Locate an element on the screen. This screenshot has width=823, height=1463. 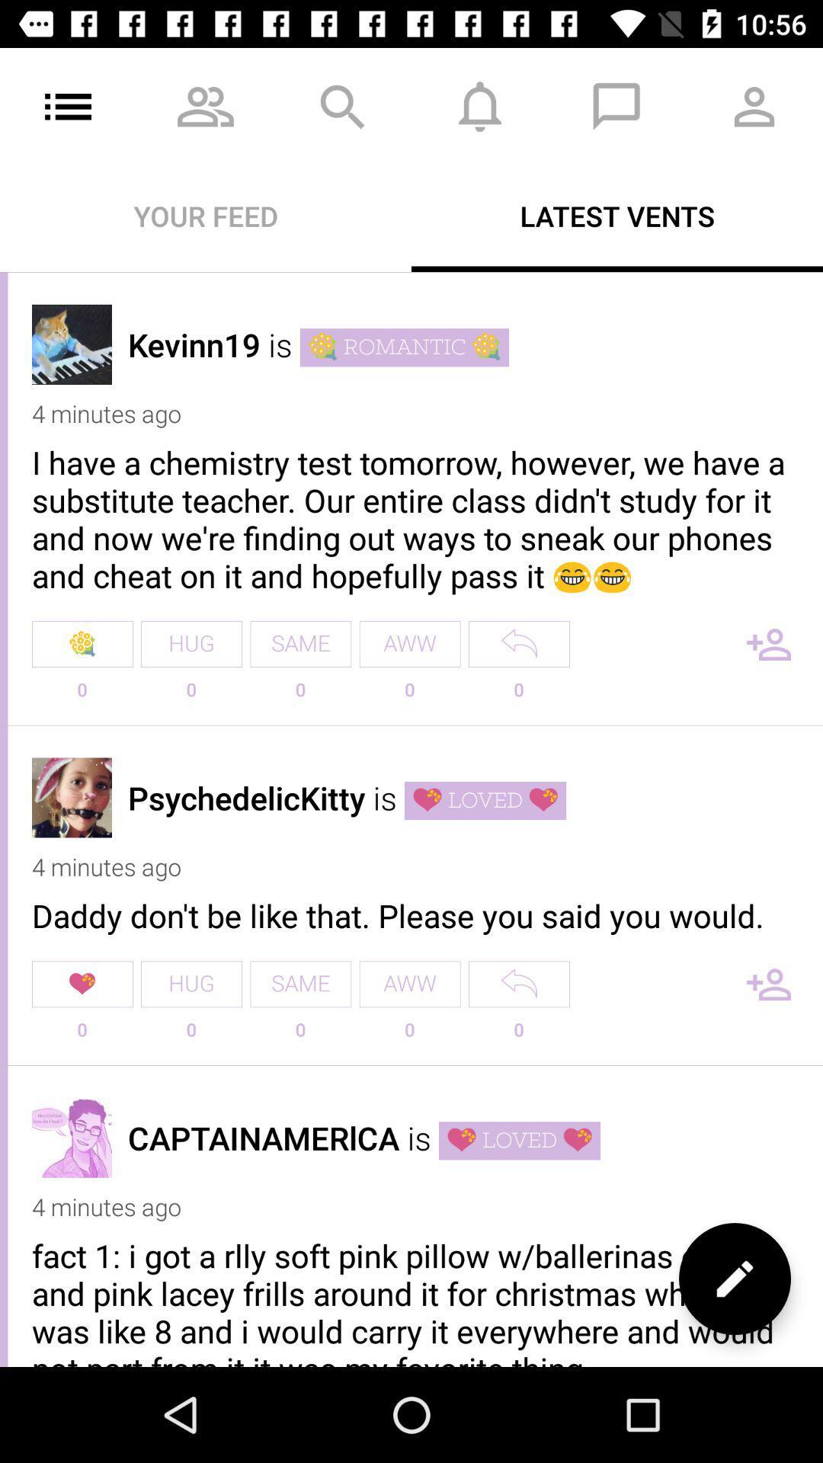
user 's account is located at coordinates (72, 796).